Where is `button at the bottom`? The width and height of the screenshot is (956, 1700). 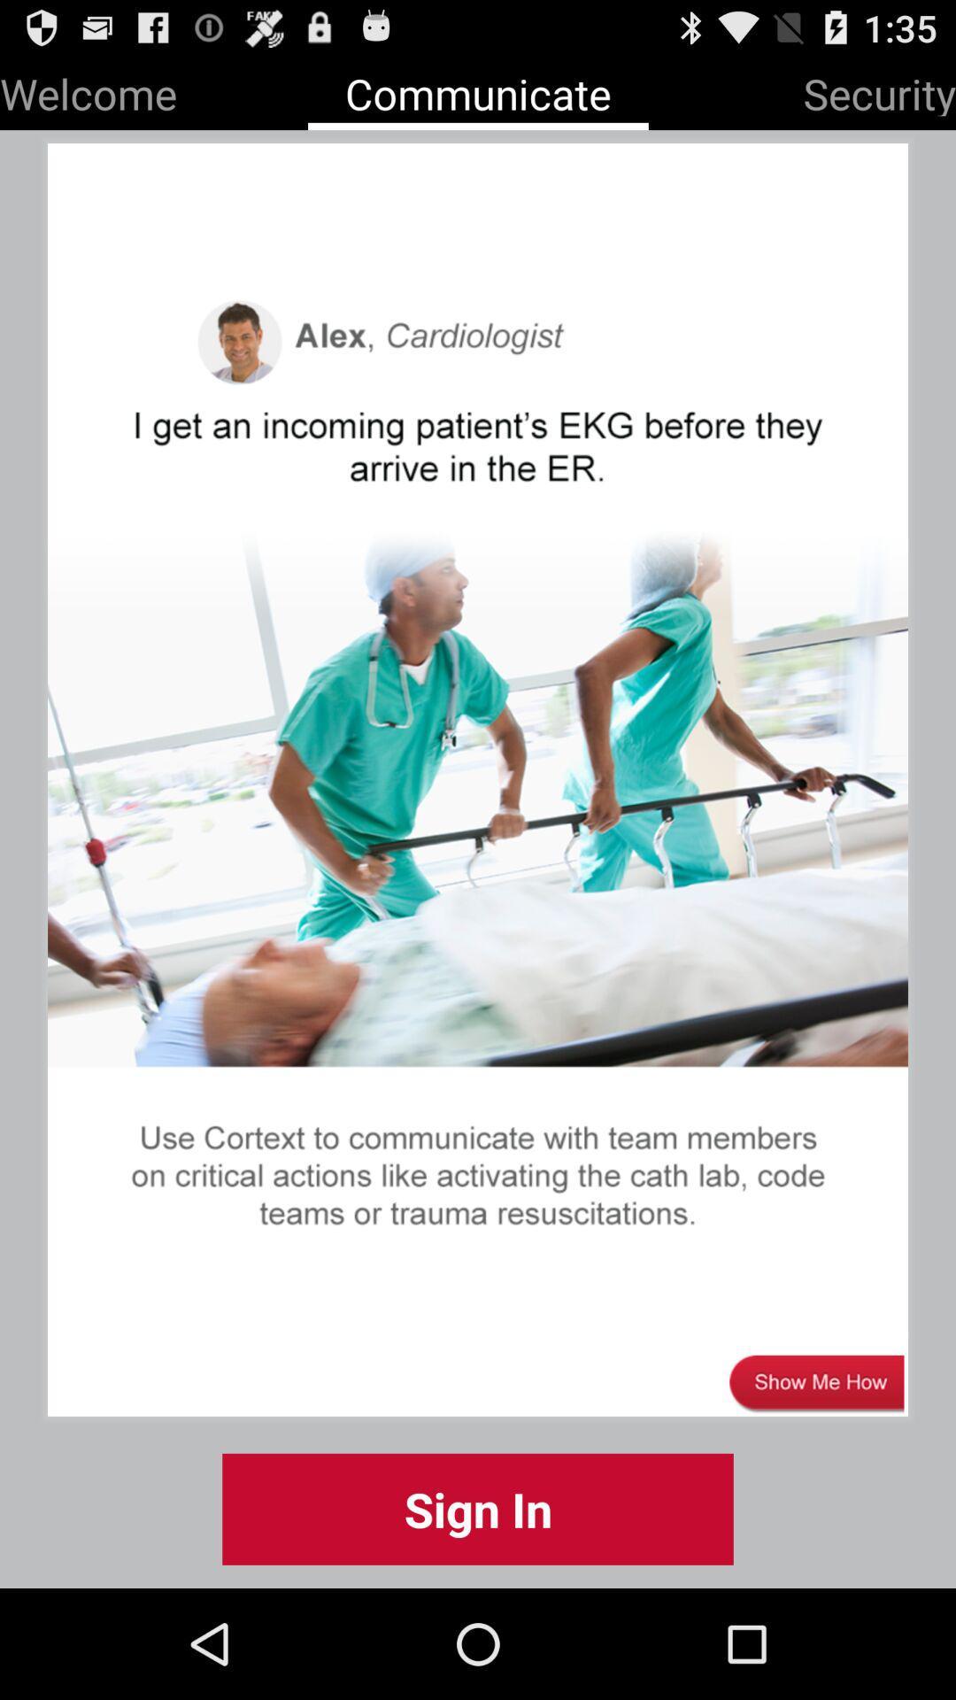
button at the bottom is located at coordinates (478, 1508).